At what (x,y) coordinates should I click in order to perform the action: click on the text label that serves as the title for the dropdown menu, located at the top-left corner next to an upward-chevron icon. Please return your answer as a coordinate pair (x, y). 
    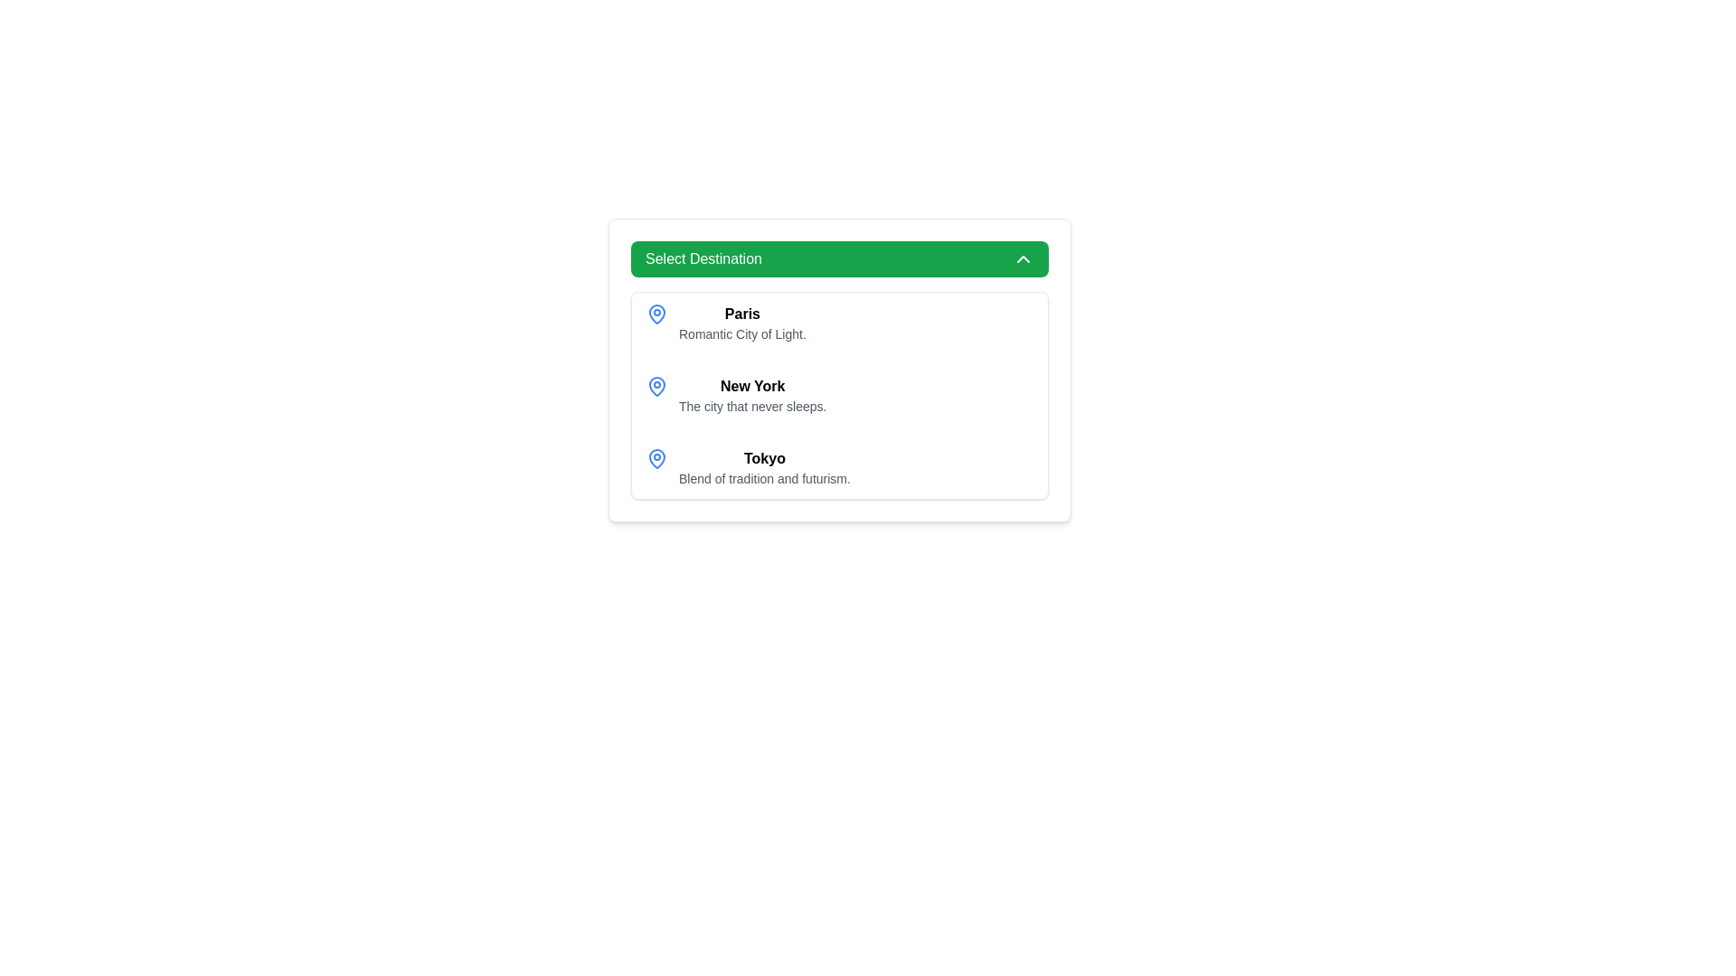
    Looking at the image, I should click on (703, 258).